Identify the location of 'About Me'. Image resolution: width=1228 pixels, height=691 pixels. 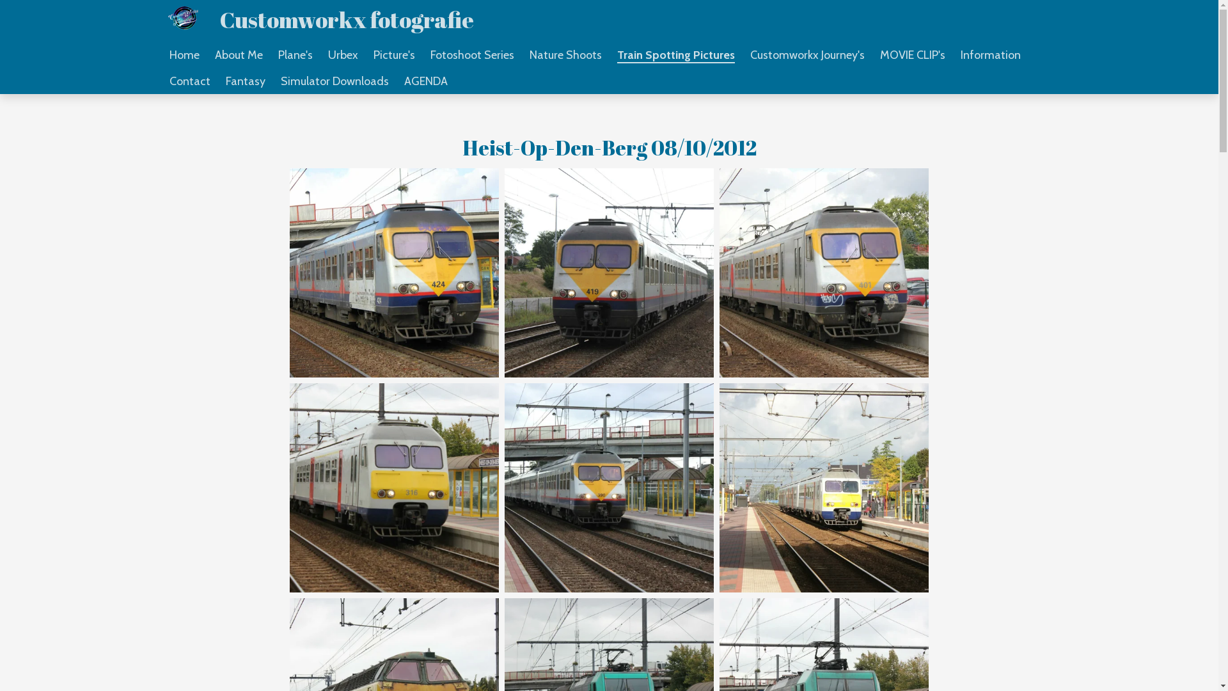
(239, 54).